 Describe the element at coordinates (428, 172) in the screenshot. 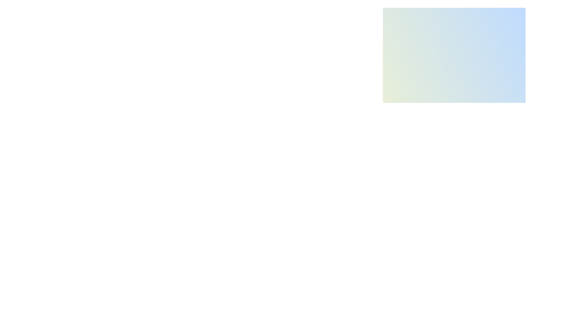

I see `the airflow slider to 22%` at that location.